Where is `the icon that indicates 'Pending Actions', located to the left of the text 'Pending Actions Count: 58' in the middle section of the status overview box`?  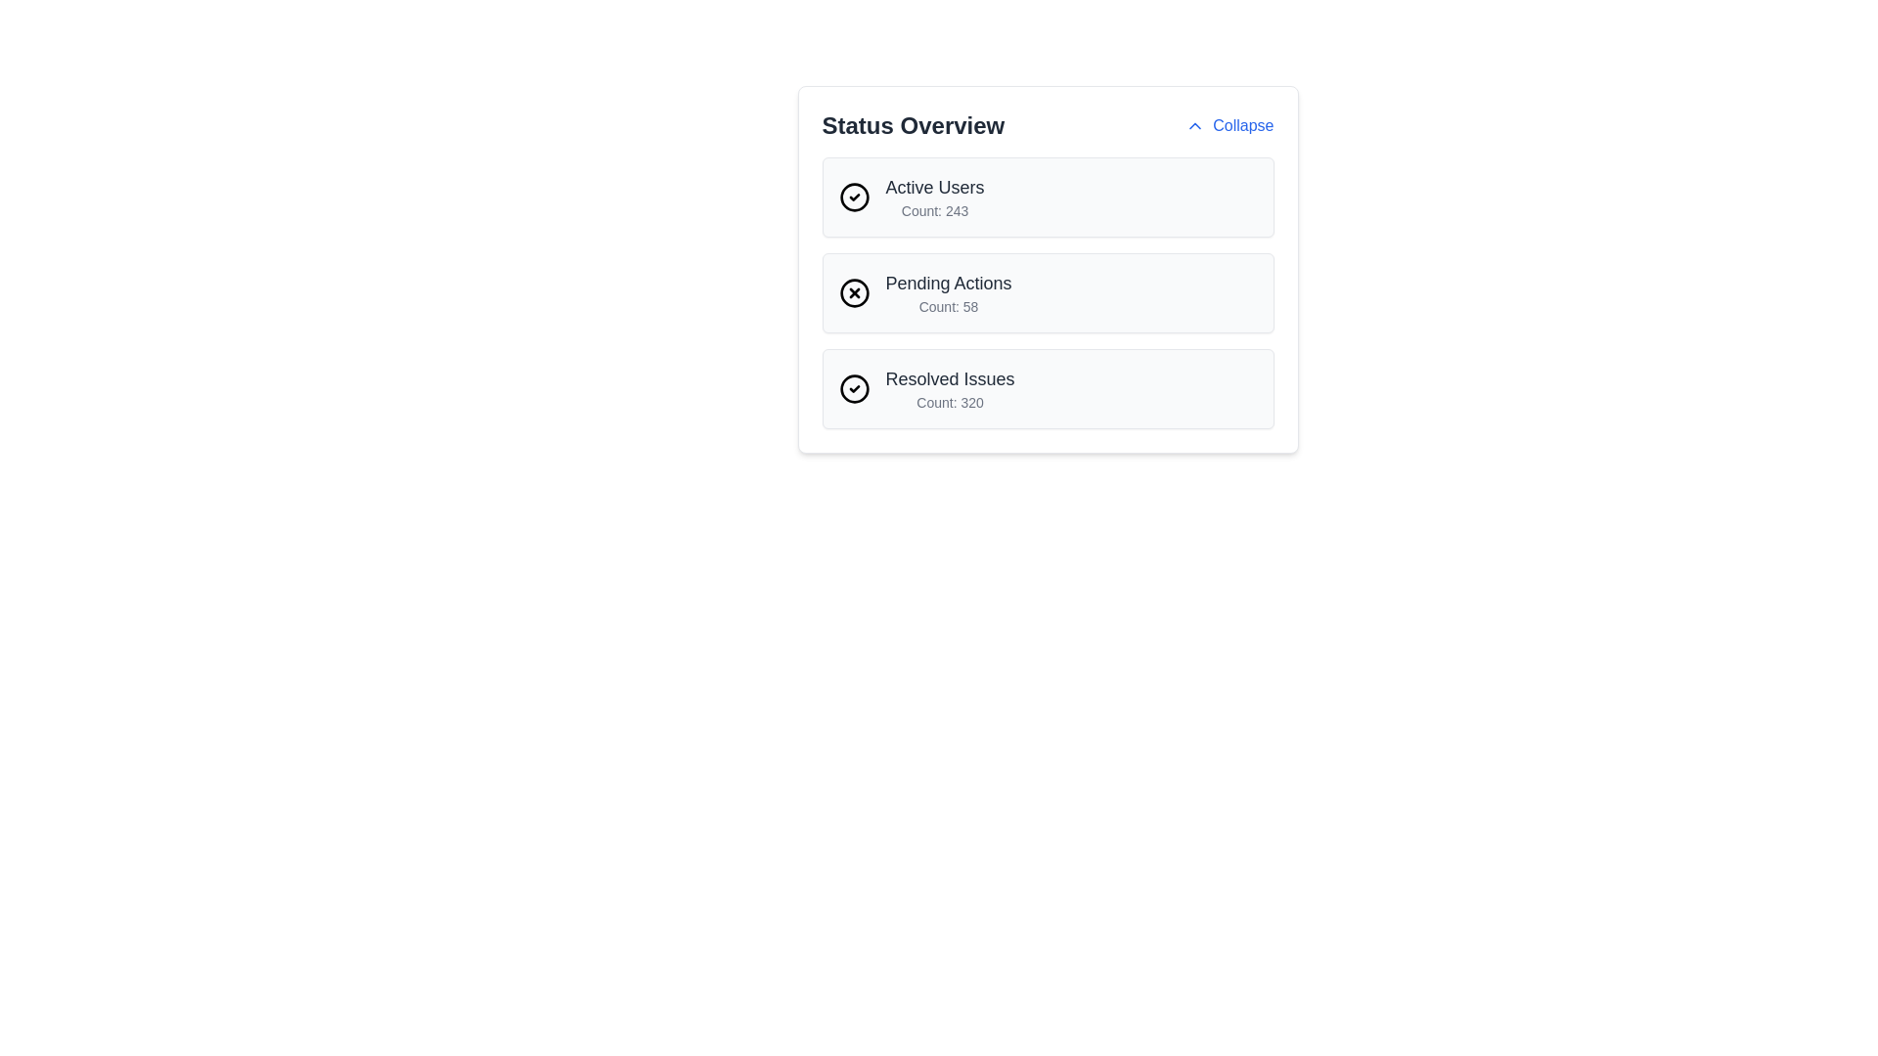 the icon that indicates 'Pending Actions', located to the left of the text 'Pending Actions Count: 58' in the middle section of the status overview box is located at coordinates (854, 293).